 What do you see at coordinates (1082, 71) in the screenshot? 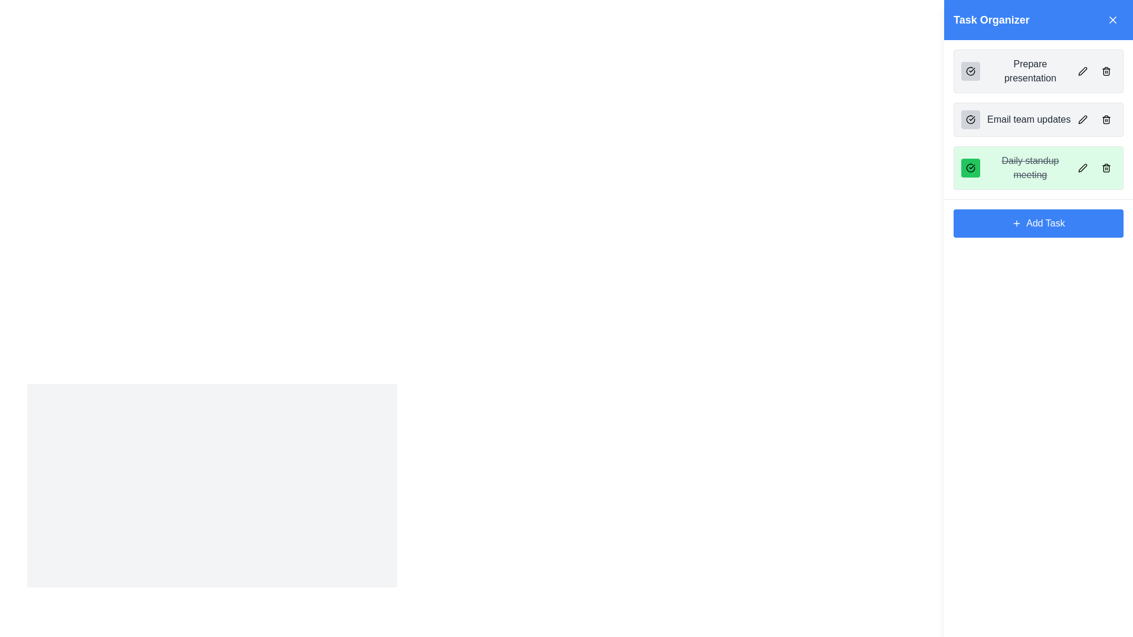
I see `the pen icon located to the right of the task titled 'Prepare presentation' in the 'Task Organizer' sidebar` at bounding box center [1082, 71].